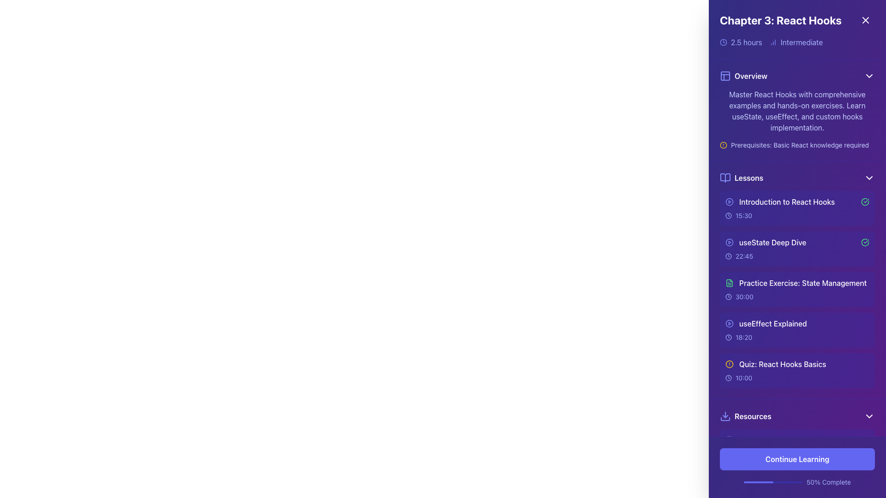 This screenshot has width=886, height=498. I want to click on the text label 'Introduction to React Hooks' in the Lessons section, so click(797, 202).